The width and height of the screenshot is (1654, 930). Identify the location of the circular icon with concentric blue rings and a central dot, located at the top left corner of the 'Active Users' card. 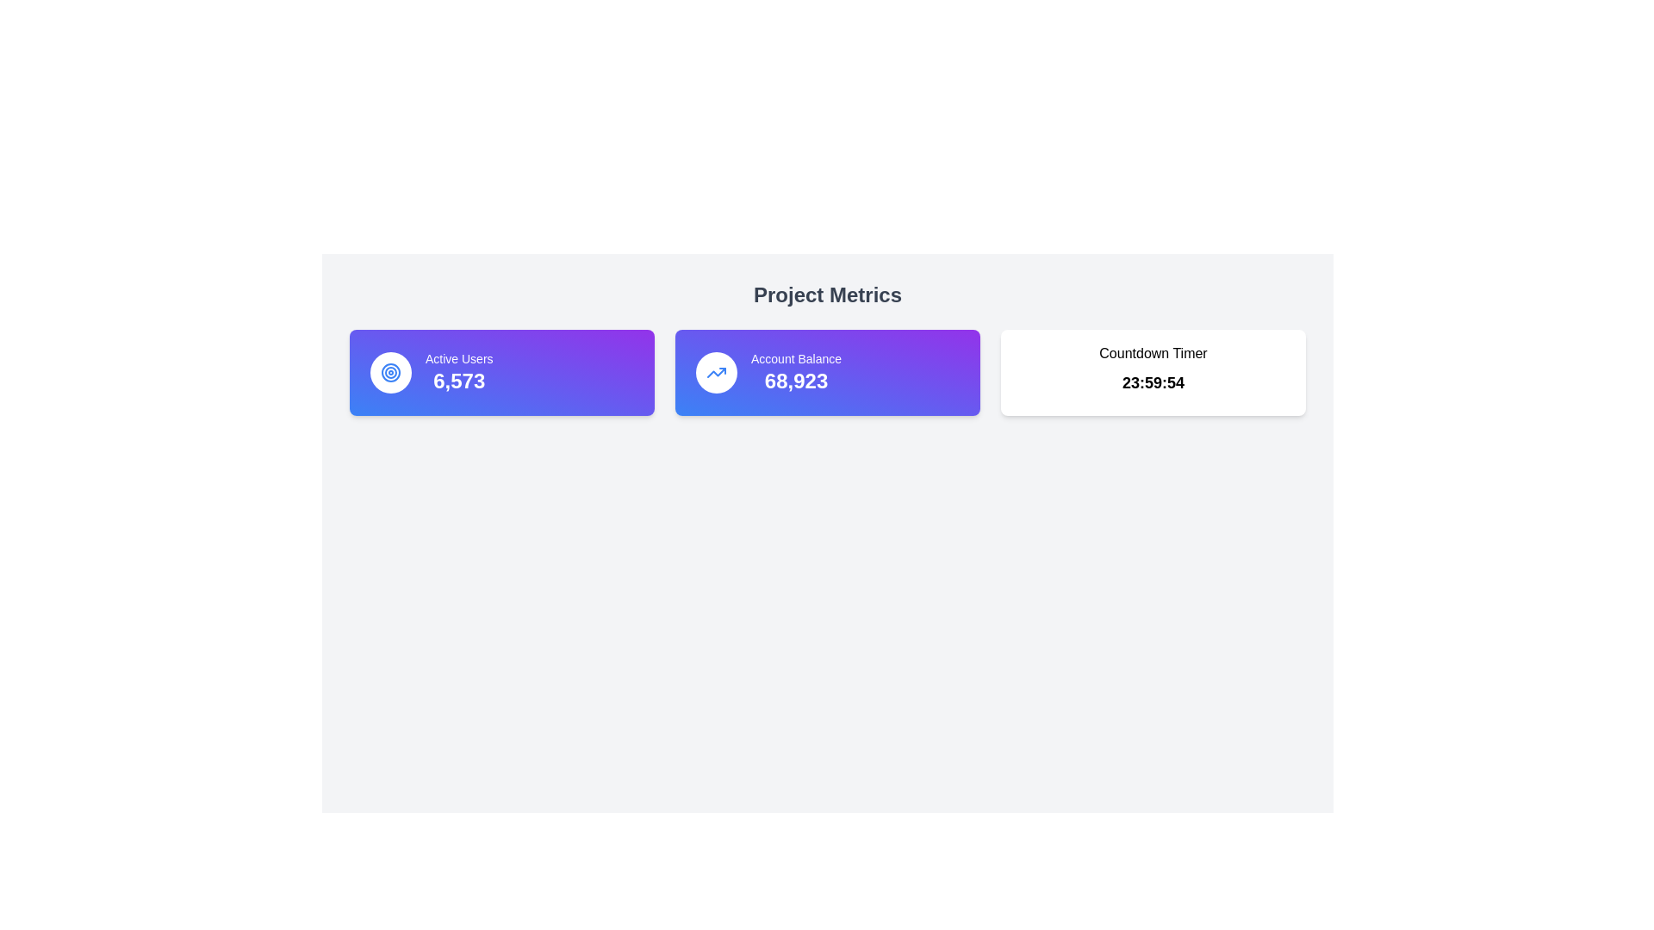
(390, 371).